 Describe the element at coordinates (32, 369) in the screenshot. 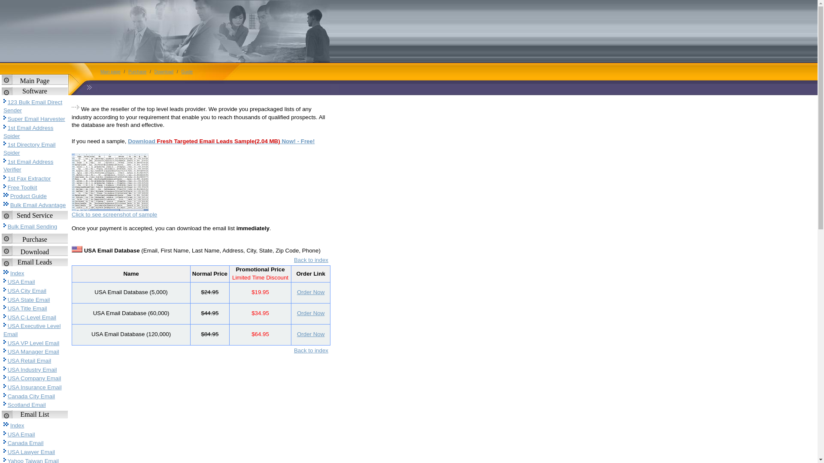

I see `'USA Industry Email'` at that location.